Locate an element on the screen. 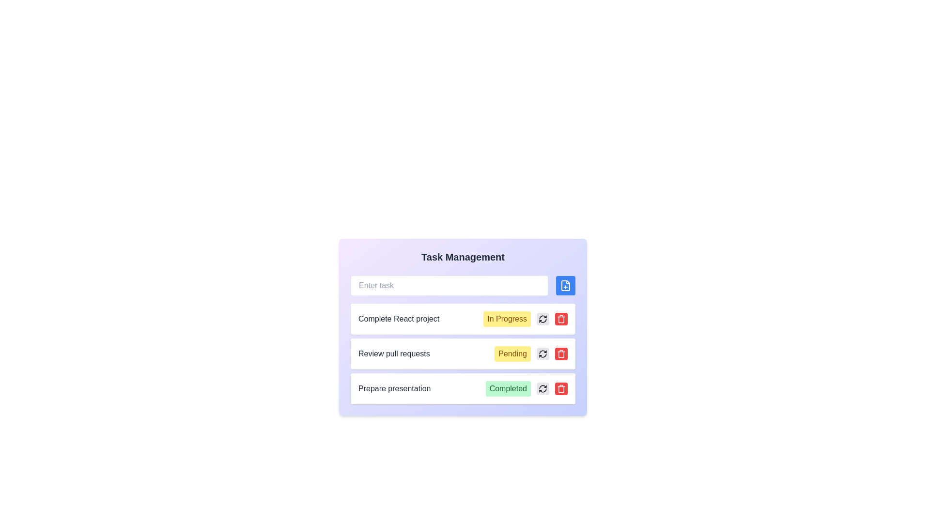  the Text Label displaying the title of a specific task located in the bottom-most task row of the task management system, which is to the left of the 'Completed' indicator badge is located at coordinates (394, 388).